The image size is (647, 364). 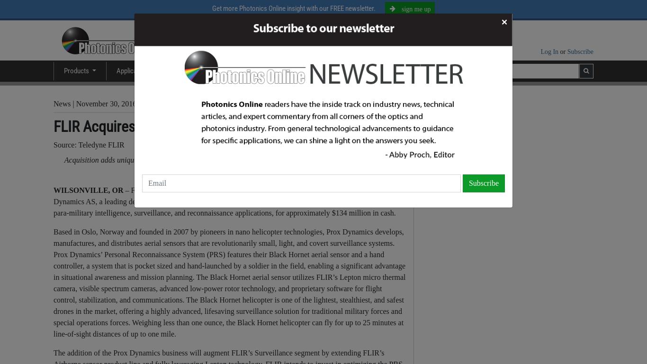 What do you see at coordinates (293, 9) in the screenshot?
I see `'Get more Photonics Online insight with our FREE newsletter.'` at bounding box center [293, 9].